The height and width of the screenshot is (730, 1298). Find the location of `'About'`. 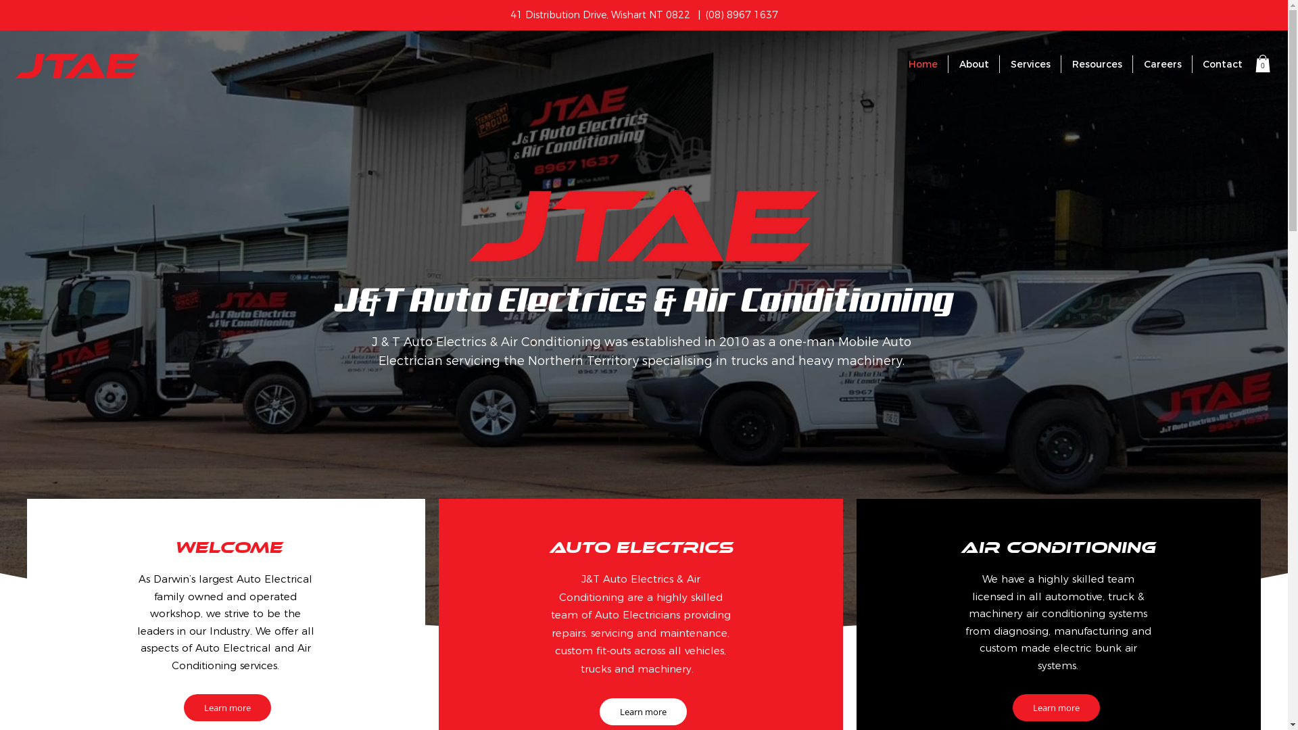

'About' is located at coordinates (973, 64).